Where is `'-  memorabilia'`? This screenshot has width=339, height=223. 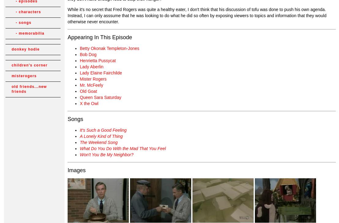
'-  memorabilia' is located at coordinates (28, 33).